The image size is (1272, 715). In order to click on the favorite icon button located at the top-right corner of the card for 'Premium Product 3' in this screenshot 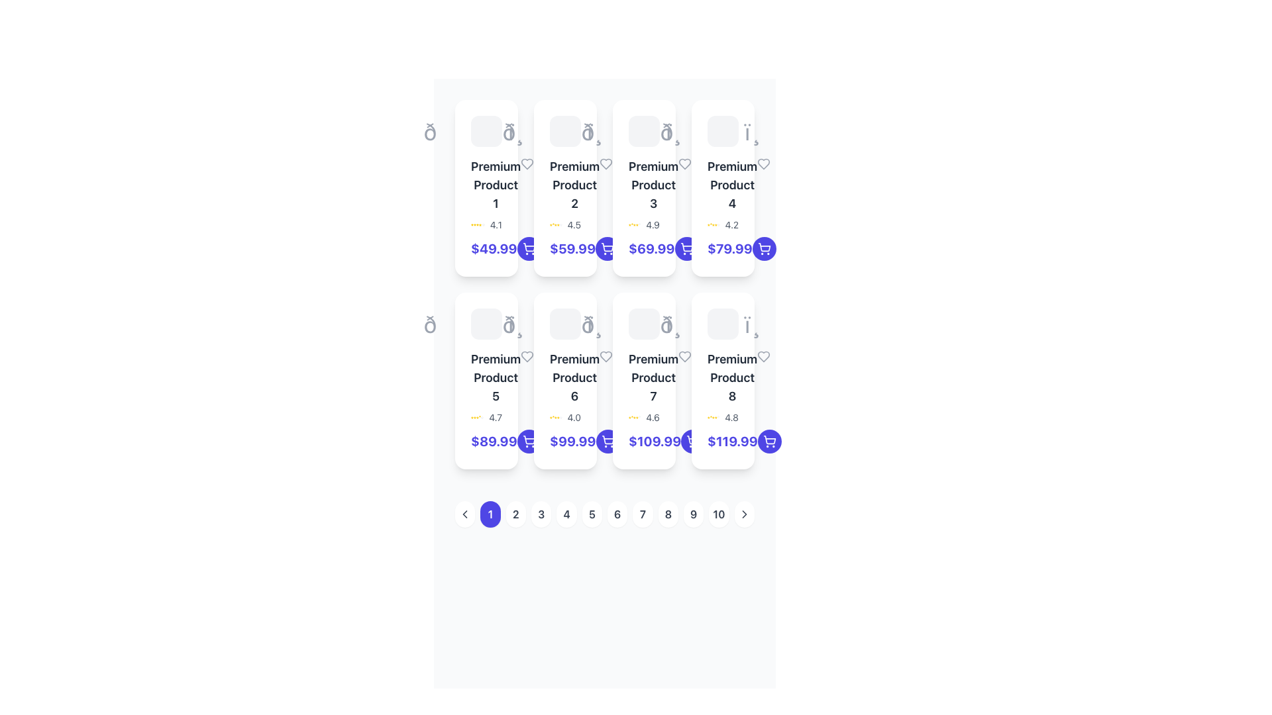, I will do `click(685, 163)`.